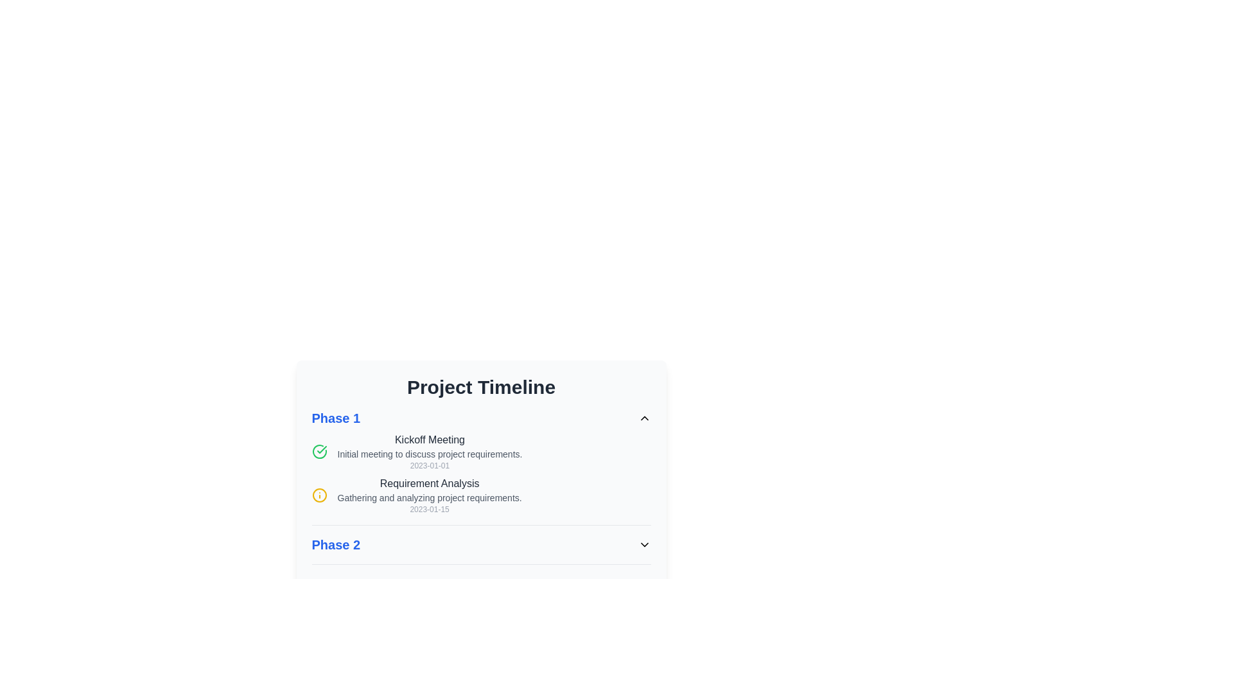  What do you see at coordinates (480, 495) in the screenshot?
I see `the second list item in the timeline labeled 'Phase 1', which includes a bold heading 'Requirement Analysis', a description, and a date below it` at bounding box center [480, 495].